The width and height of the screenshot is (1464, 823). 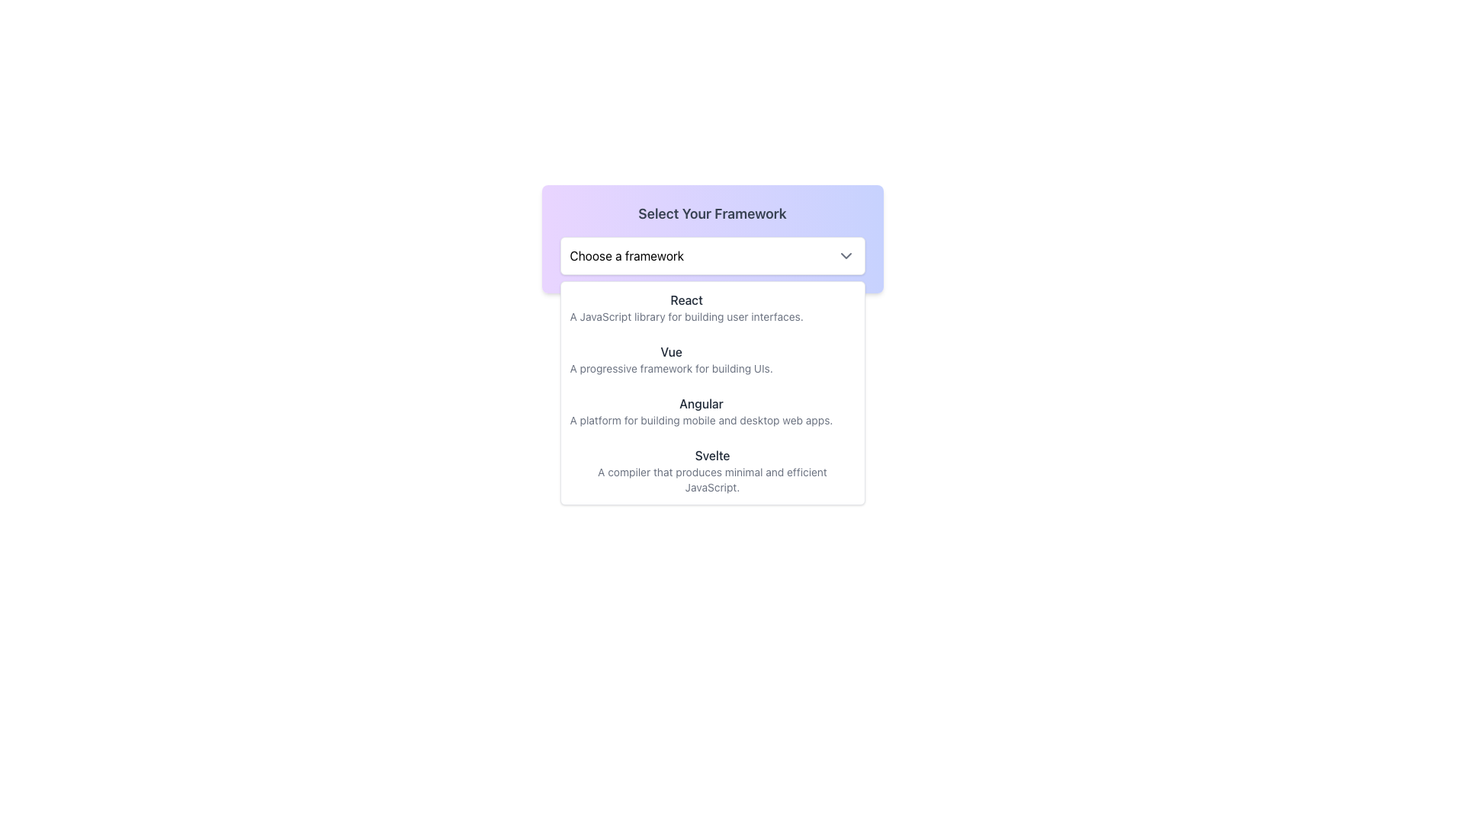 I want to click on the text label that reads 'A progressive framework for building UIs.' located below the bold 'Vue' text in the 'Select Your Framework' section, so click(x=671, y=368).